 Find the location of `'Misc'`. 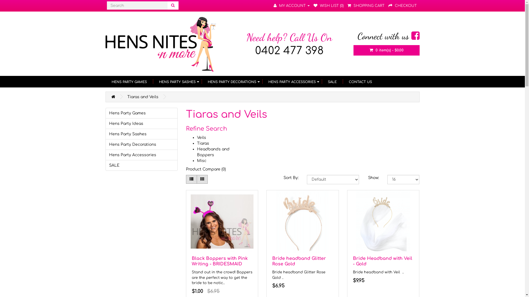

'Misc' is located at coordinates (201, 161).